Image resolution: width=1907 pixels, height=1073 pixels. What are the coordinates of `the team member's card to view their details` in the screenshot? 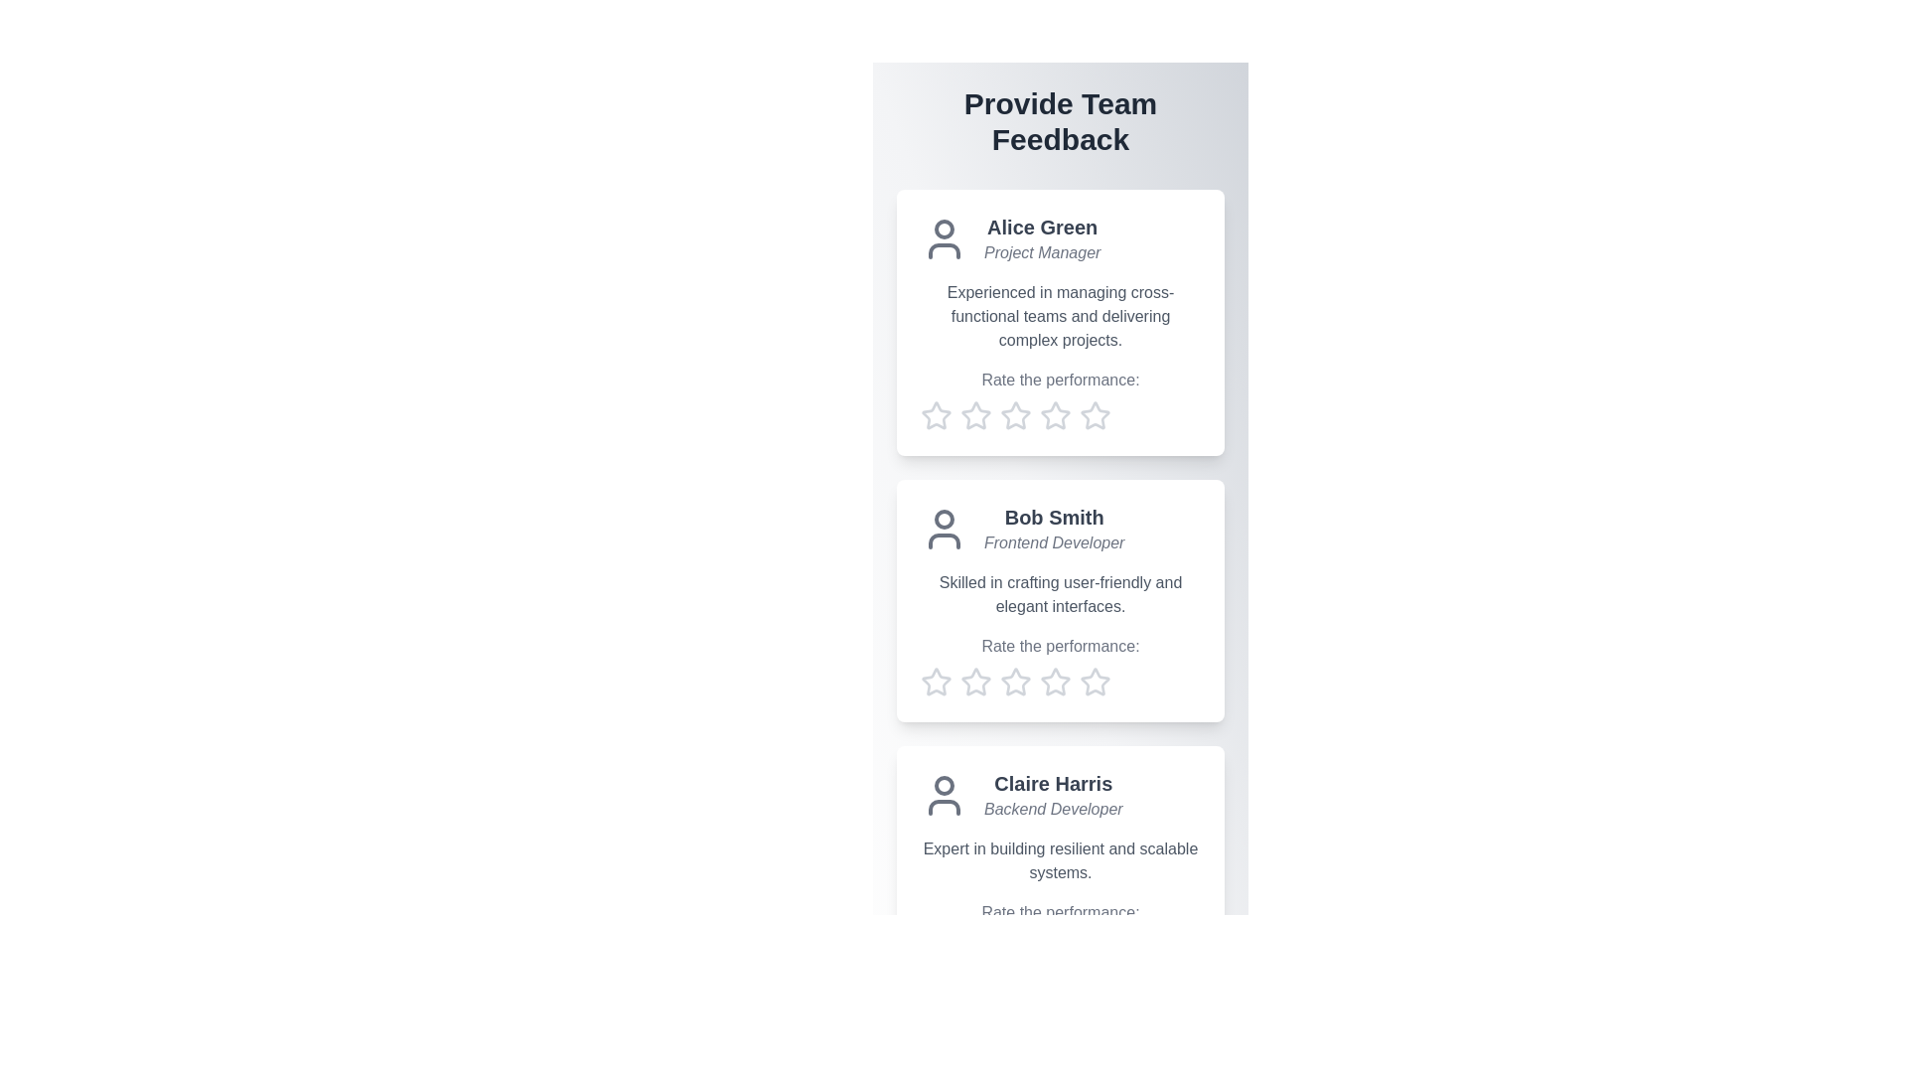 It's located at (1060, 321).